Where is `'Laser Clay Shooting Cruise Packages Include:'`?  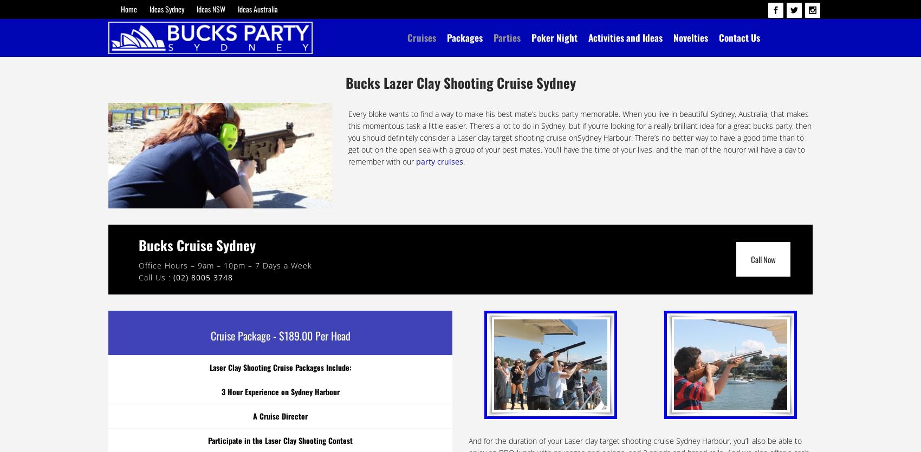
'Laser Clay Shooting Cruise Packages Include:' is located at coordinates (280, 366).